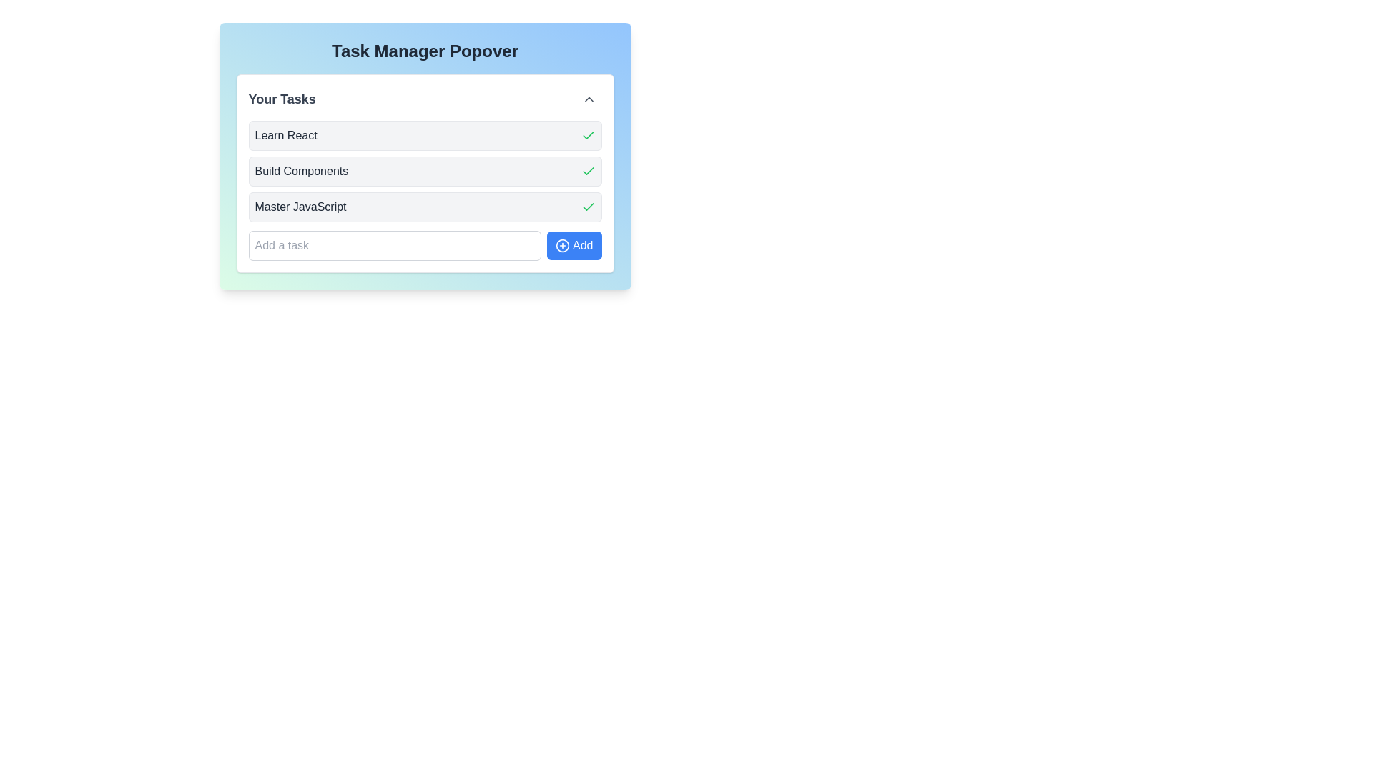  What do you see at coordinates (588, 135) in the screenshot?
I see `the green checkmark icon indicating task completion for 'Master JavaScript' in the task manager interface` at bounding box center [588, 135].